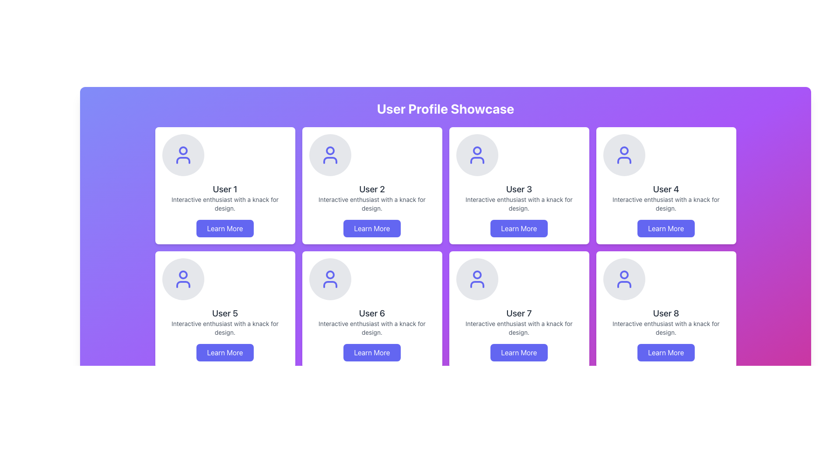 The width and height of the screenshot is (840, 472). What do you see at coordinates (372, 313) in the screenshot?
I see `the text label 'User 6' which identifies the user associated with the respective card in the profile showcase grid, located in the bottom center of a 2x4 grid layout` at bounding box center [372, 313].